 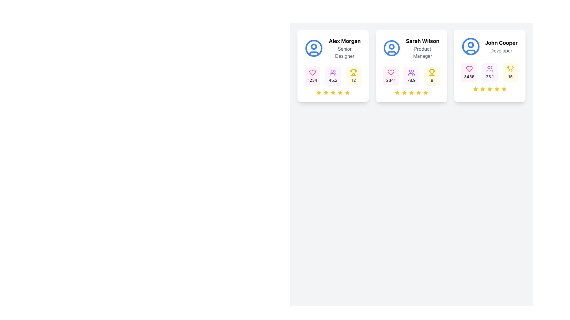 I want to click on the pink heart icon with a sharp border and hollow interior located in the top-left corner of John Cooper's card above the number '3456', so click(x=469, y=68).